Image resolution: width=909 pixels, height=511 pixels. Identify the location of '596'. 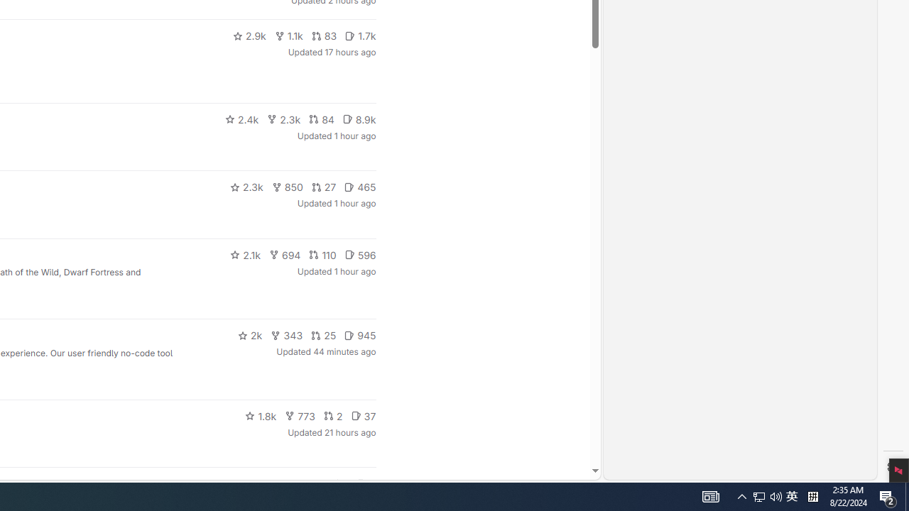
(360, 253).